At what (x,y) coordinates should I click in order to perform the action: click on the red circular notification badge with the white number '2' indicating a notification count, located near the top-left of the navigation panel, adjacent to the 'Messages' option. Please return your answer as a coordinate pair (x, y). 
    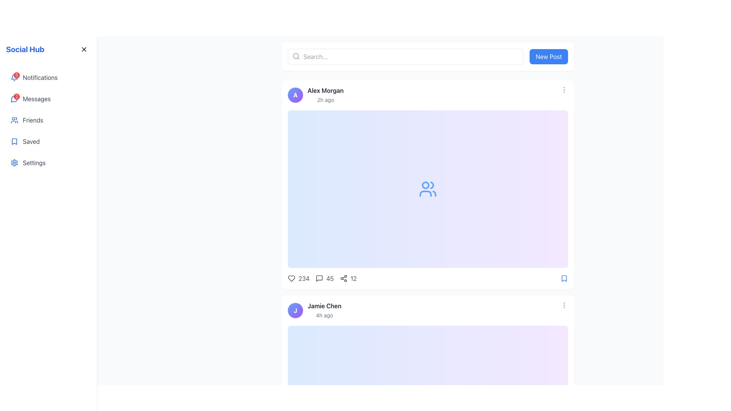
    Looking at the image, I should click on (14, 98).